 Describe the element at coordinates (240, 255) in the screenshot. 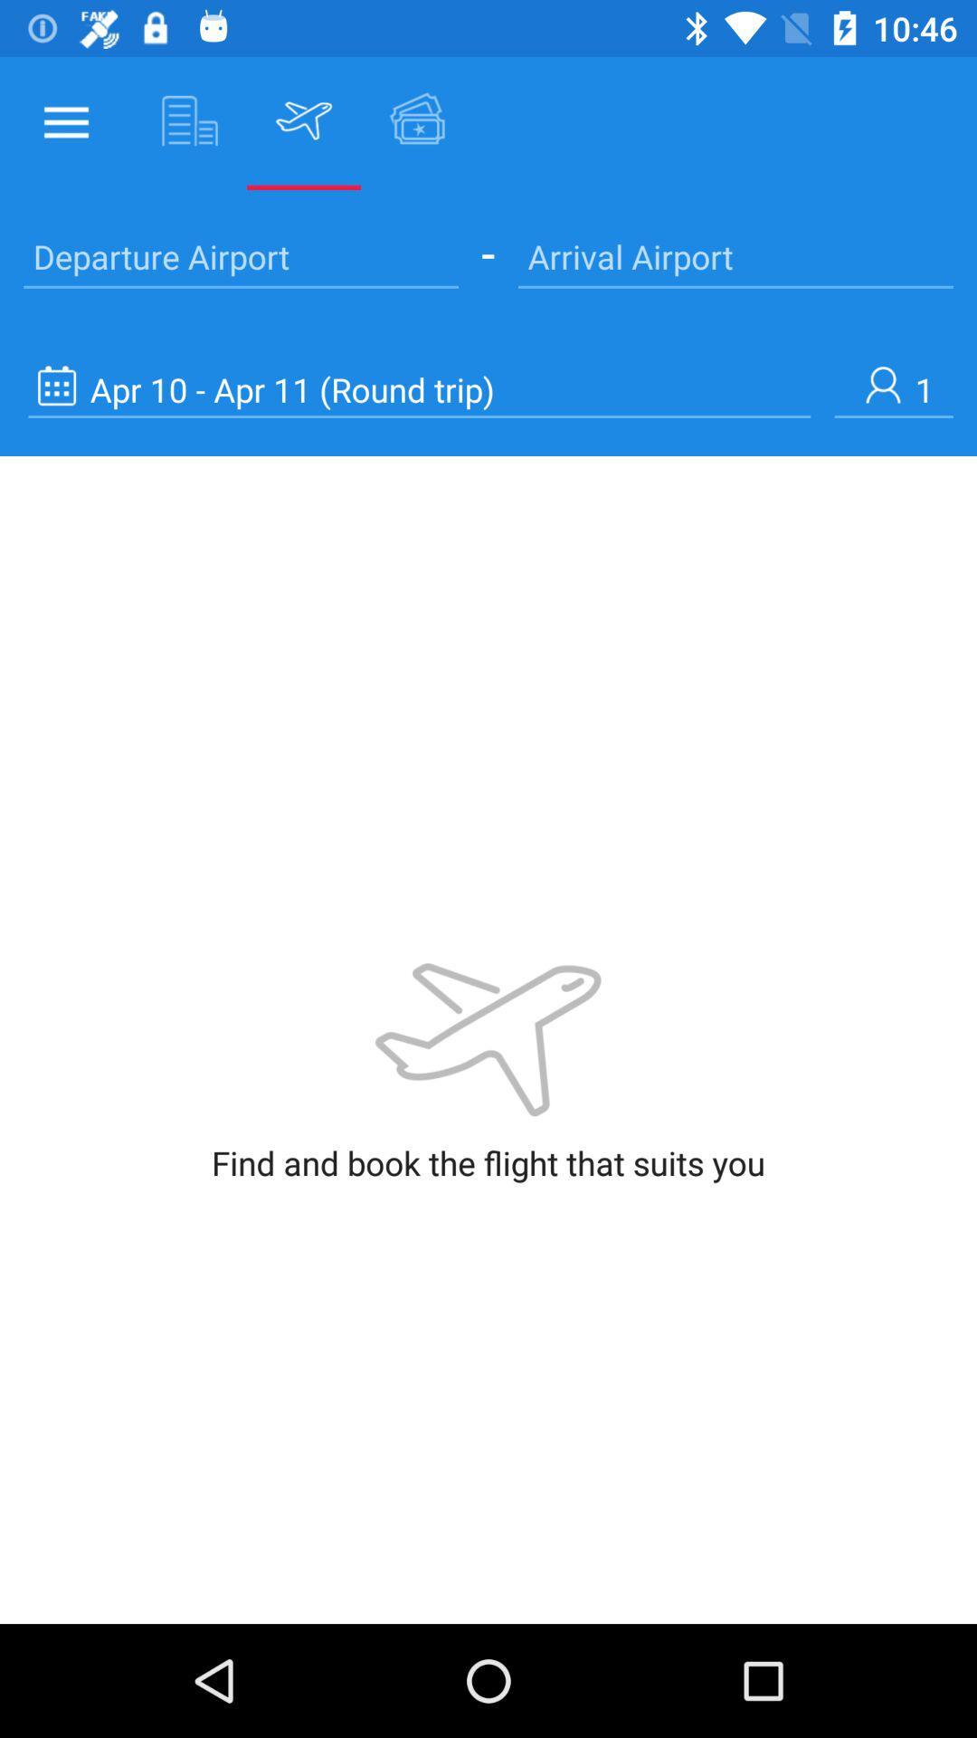

I see `the text departure airport` at that location.